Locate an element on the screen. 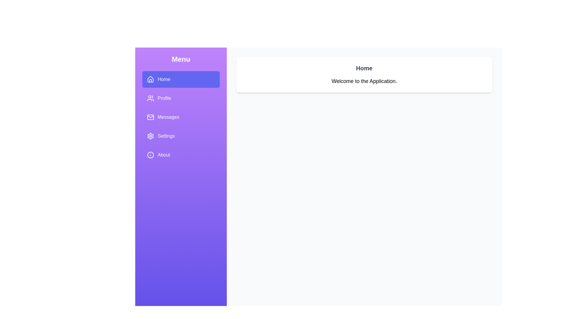  the 'Profile' navigation button located in the vertical menu on the left side of the interface is located at coordinates (181, 98).